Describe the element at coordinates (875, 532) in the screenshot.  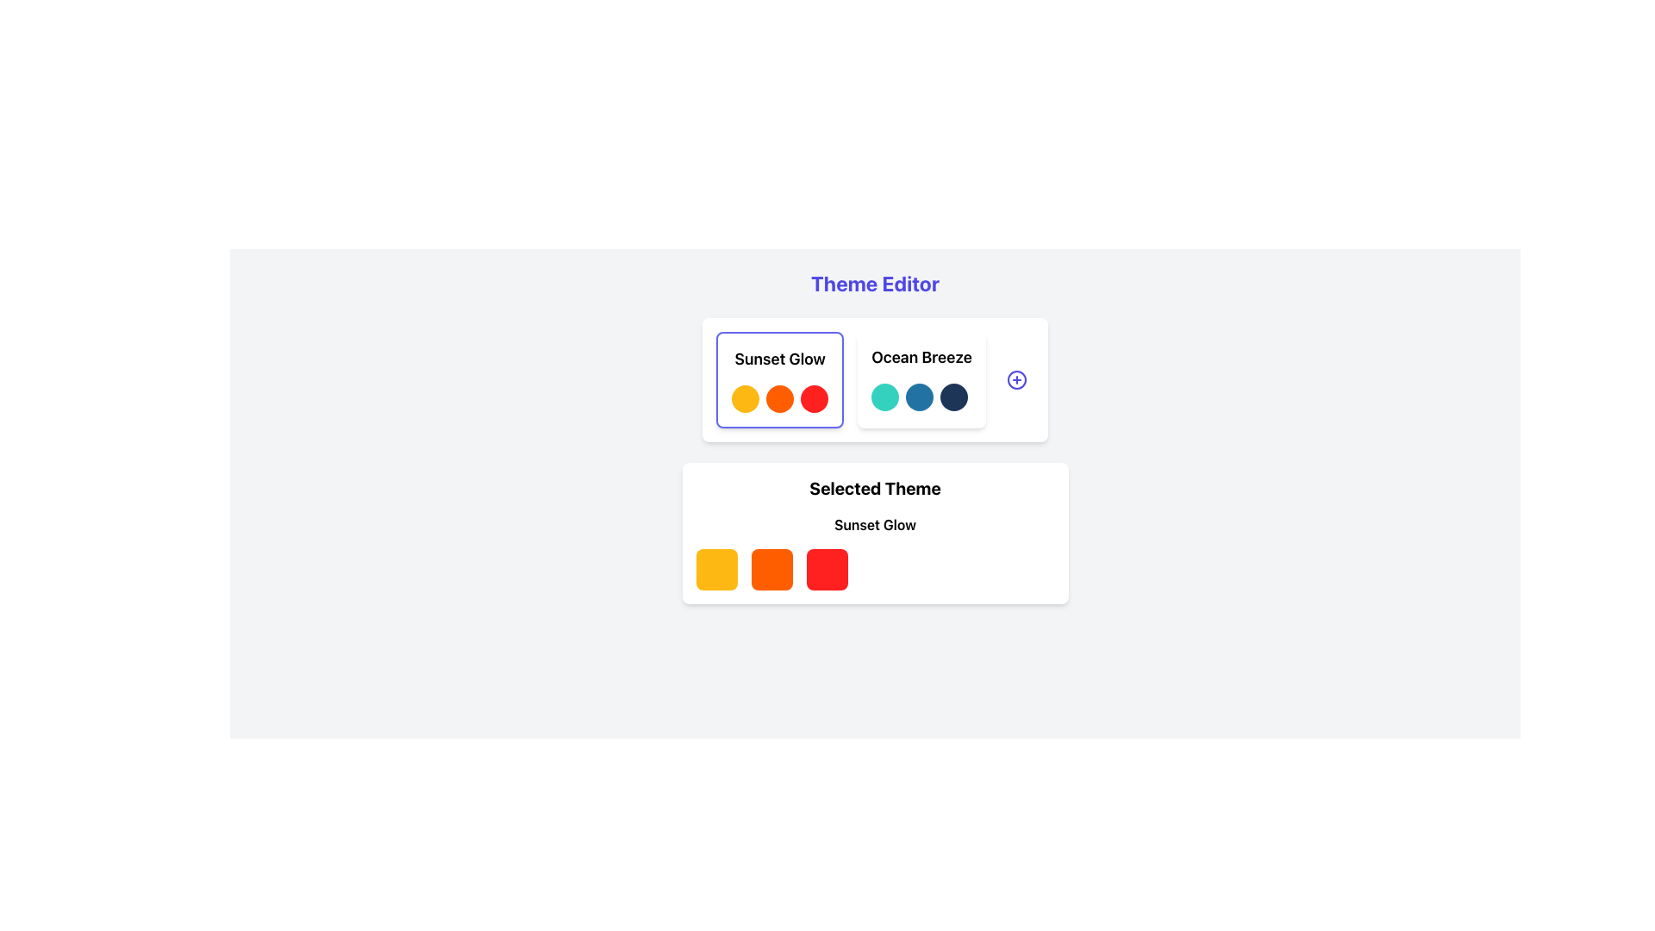
I see `displayed text of the Information display panel, which shows 'Selected Theme' and 'Sunset Glow'` at that location.